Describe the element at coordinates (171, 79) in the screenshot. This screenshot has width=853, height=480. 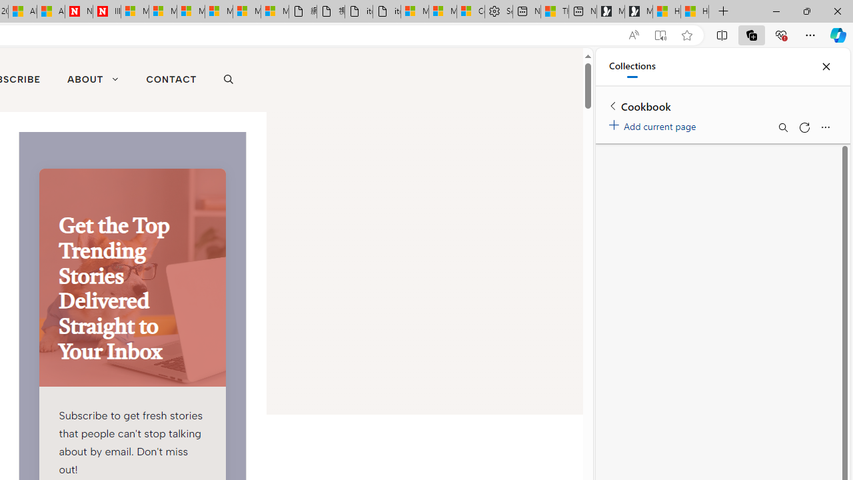
I see `'CONTACT'` at that location.